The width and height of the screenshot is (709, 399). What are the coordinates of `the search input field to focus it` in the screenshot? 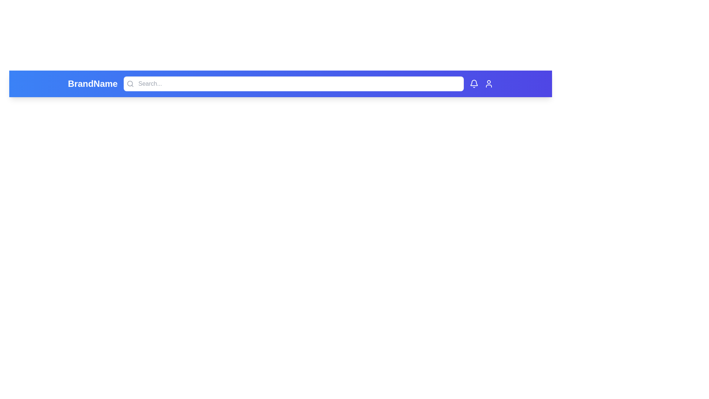 It's located at (293, 83).